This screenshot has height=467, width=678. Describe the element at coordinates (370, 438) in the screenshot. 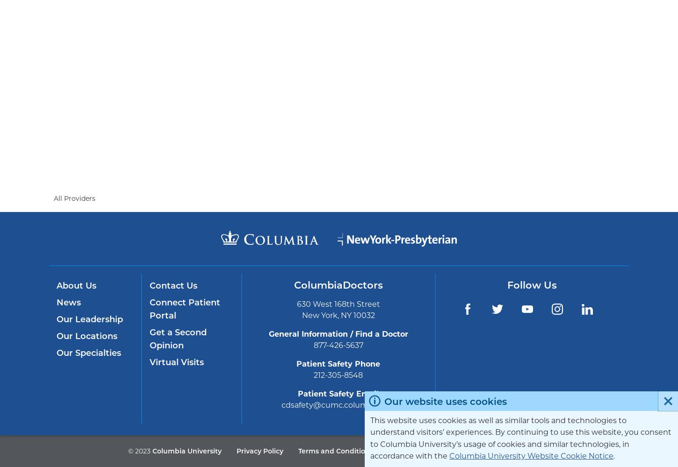

I see `'This website uses cookies as well as similar tools and technologies to understand visitors’ experiences. By continuing to use this website, you consent to Columbia University’s usage of cookies and similar technologies, in accordance with the'` at that location.